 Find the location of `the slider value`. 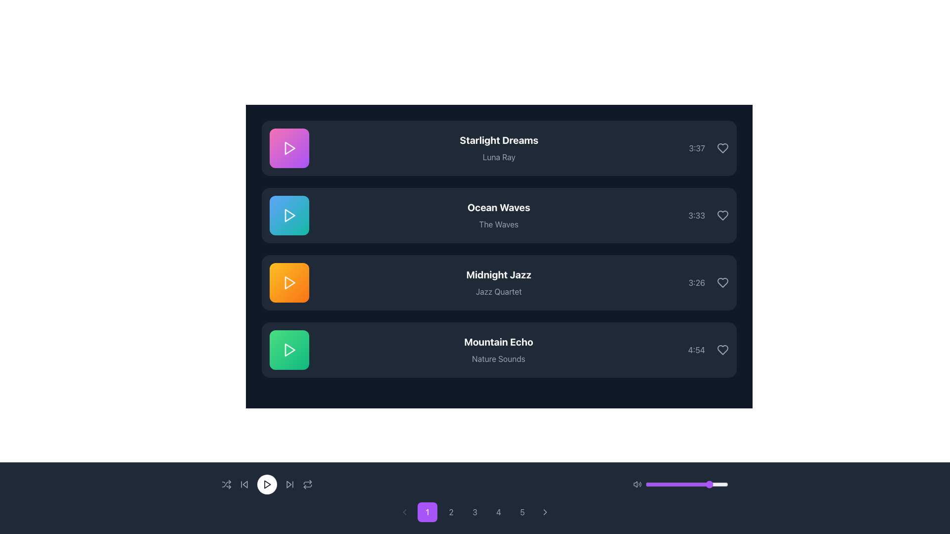

the slider value is located at coordinates (693, 484).